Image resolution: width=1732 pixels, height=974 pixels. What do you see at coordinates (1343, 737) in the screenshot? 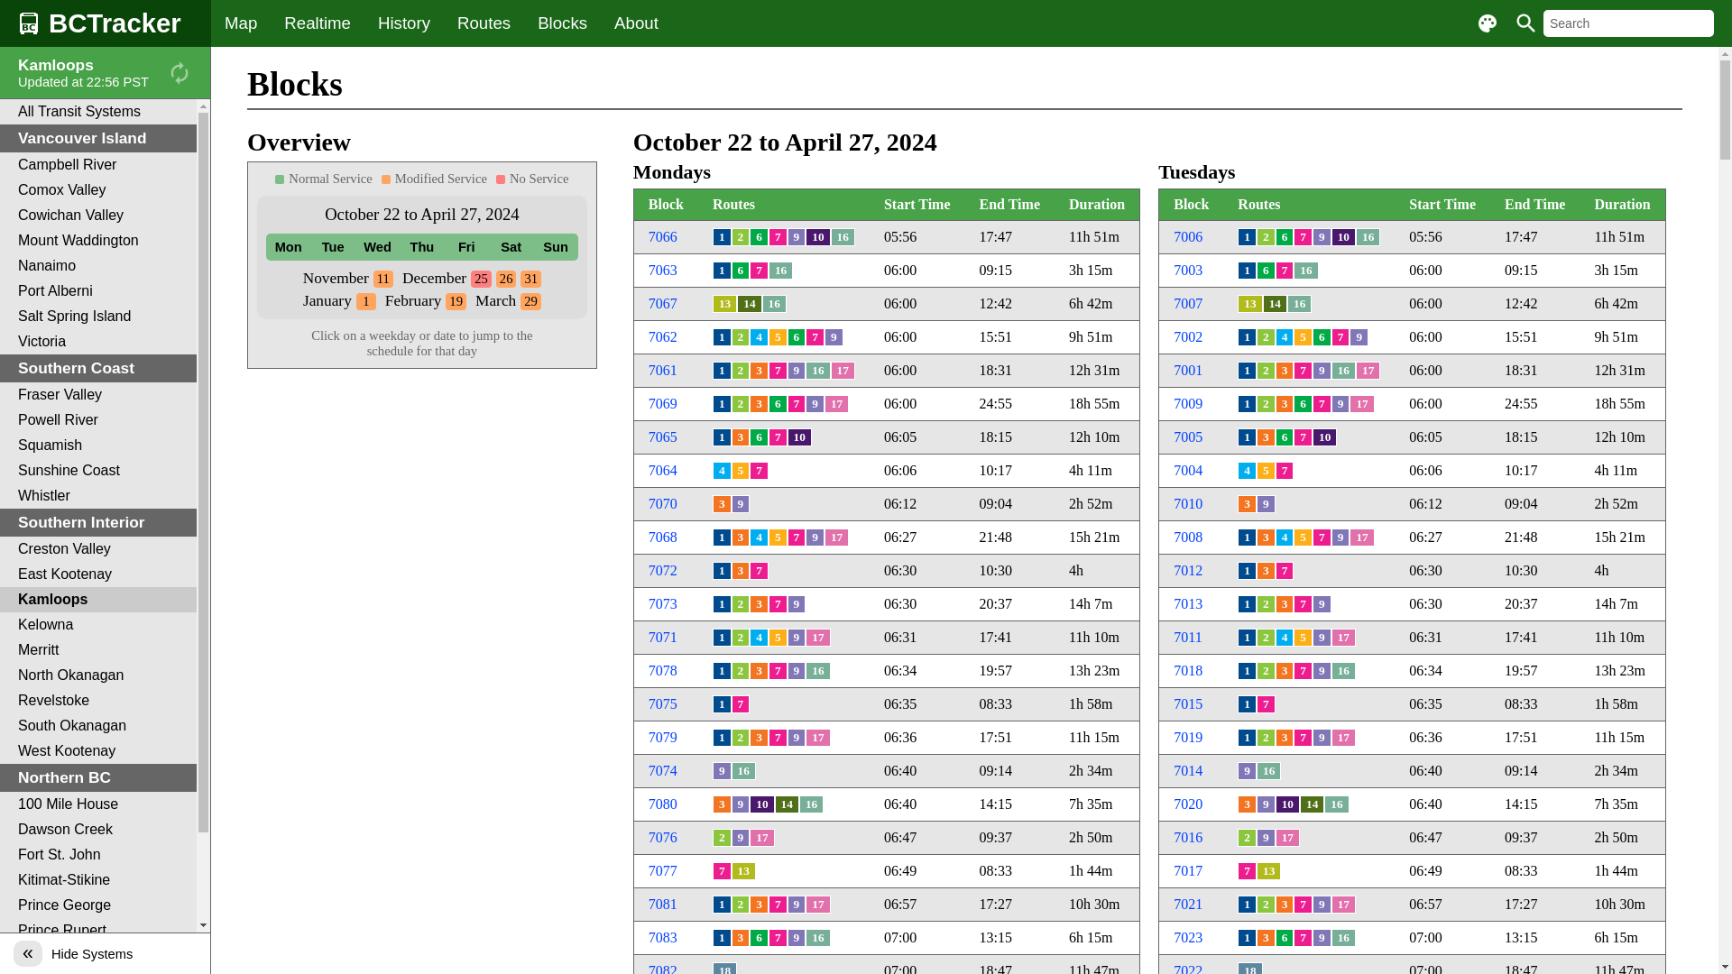
I see `'17'` at bounding box center [1343, 737].